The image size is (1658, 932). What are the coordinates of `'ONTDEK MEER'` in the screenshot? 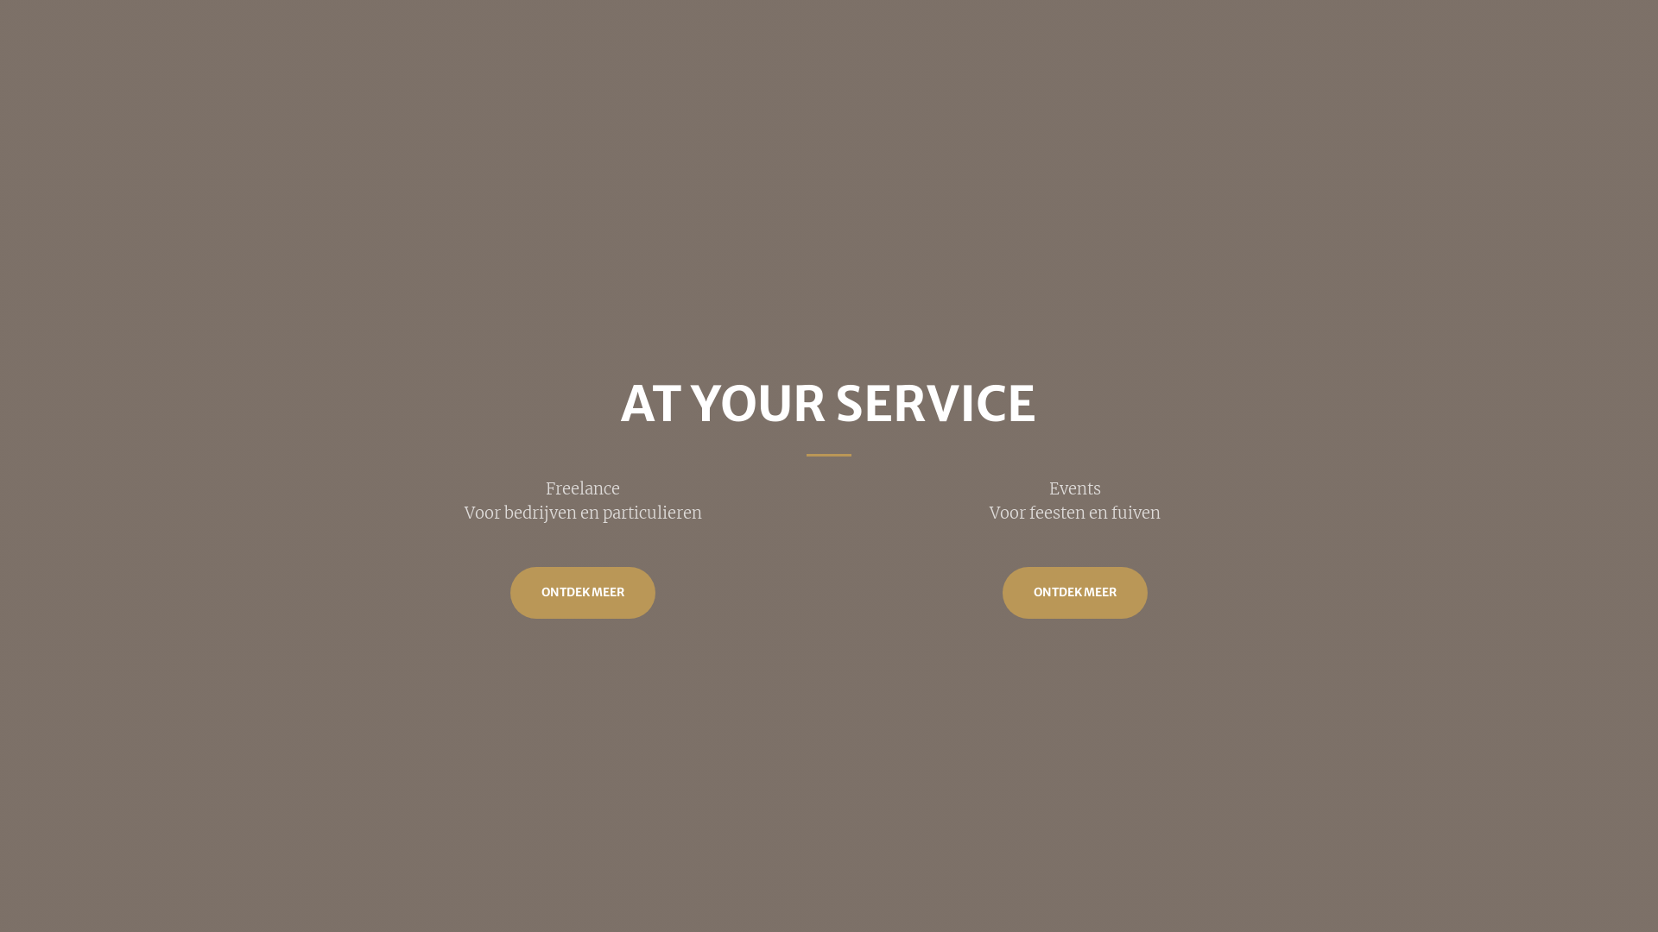 It's located at (509, 591).